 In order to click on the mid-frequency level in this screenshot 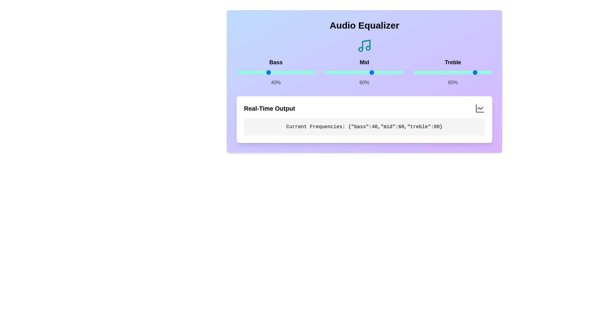, I will do `click(328, 72)`.